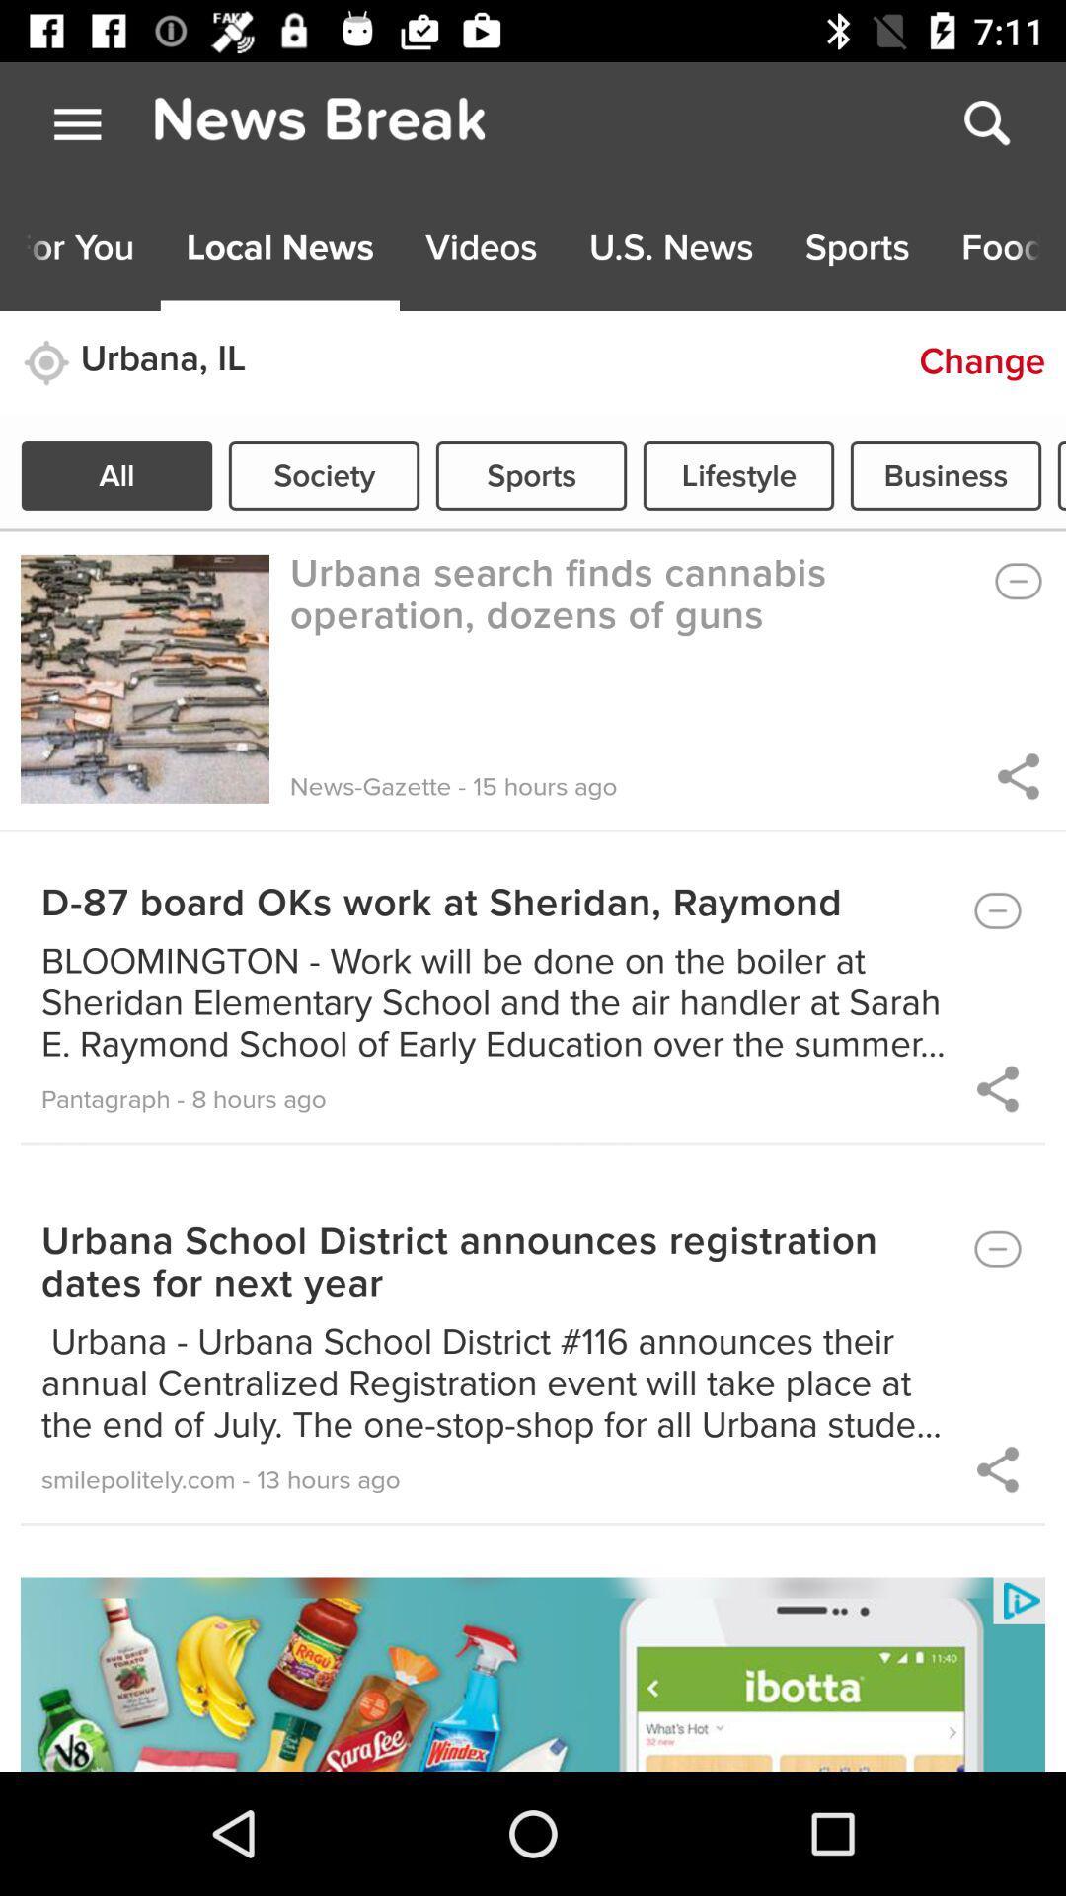 The image size is (1066, 1896). What do you see at coordinates (1016, 775) in the screenshot?
I see `the first share button on the web page` at bounding box center [1016, 775].